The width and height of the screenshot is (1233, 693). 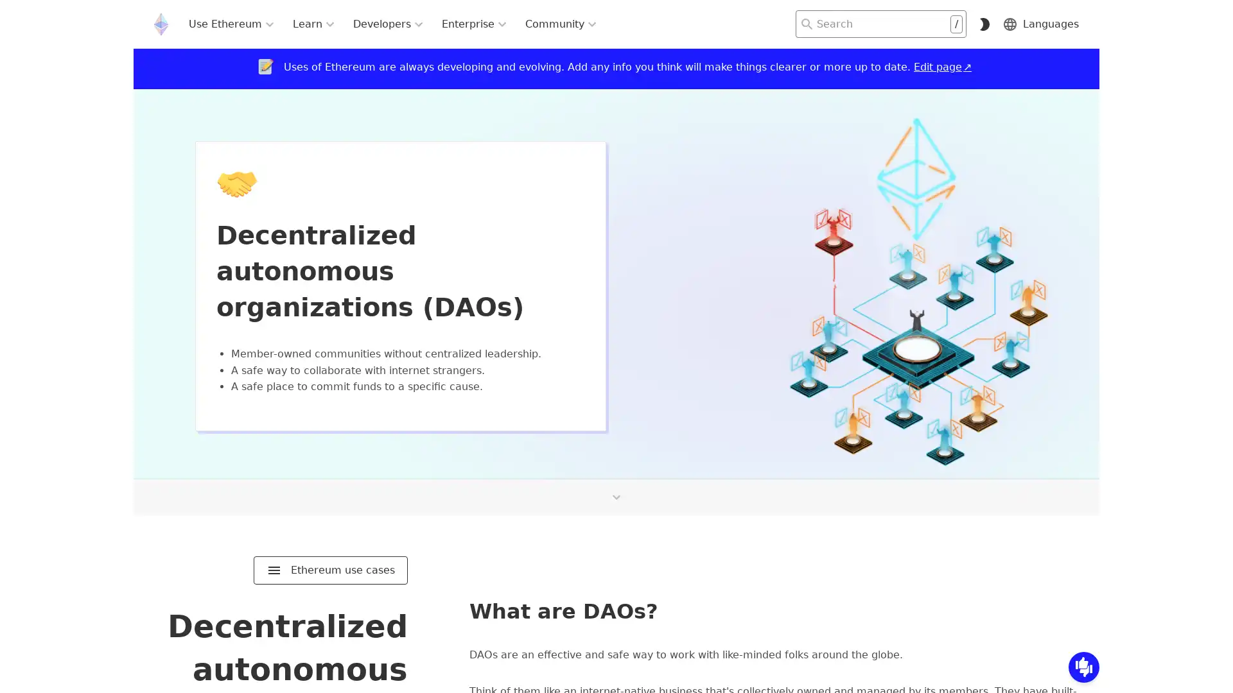 What do you see at coordinates (983, 24) in the screenshot?
I see `Switch to Dark Theme` at bounding box center [983, 24].